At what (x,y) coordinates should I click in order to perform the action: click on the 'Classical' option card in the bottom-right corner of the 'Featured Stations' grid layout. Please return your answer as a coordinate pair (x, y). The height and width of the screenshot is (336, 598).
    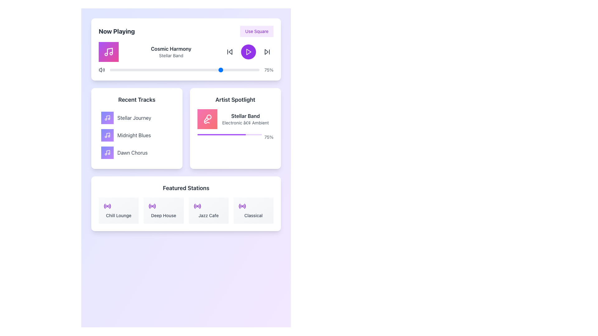
    Looking at the image, I should click on (253, 210).